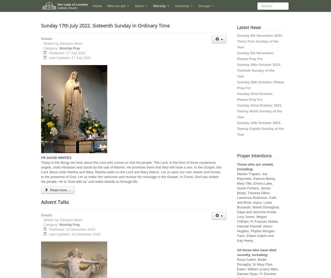 Image resolution: width=331 pixels, height=278 pixels. I want to click on 'Those who are unwell, including:', so click(255, 166).